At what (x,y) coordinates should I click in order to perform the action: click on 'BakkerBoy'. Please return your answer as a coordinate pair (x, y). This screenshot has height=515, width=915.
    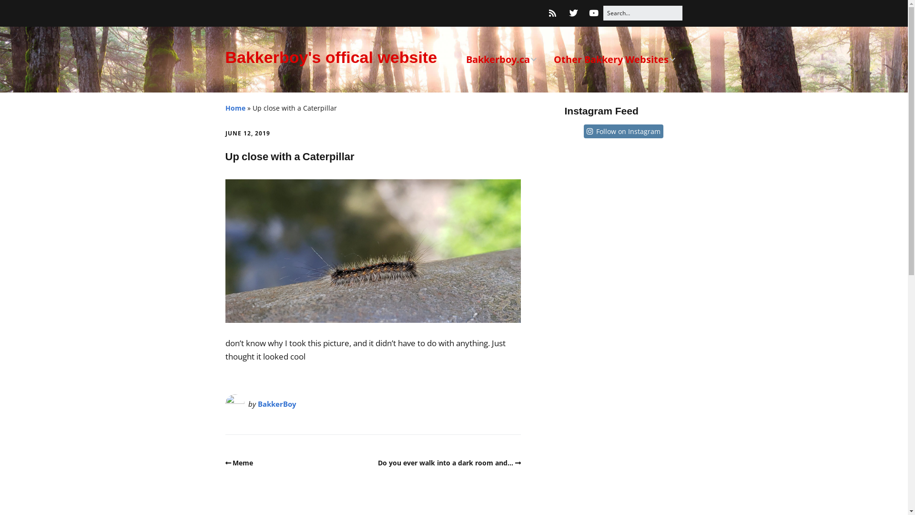
    Looking at the image, I should click on (276, 404).